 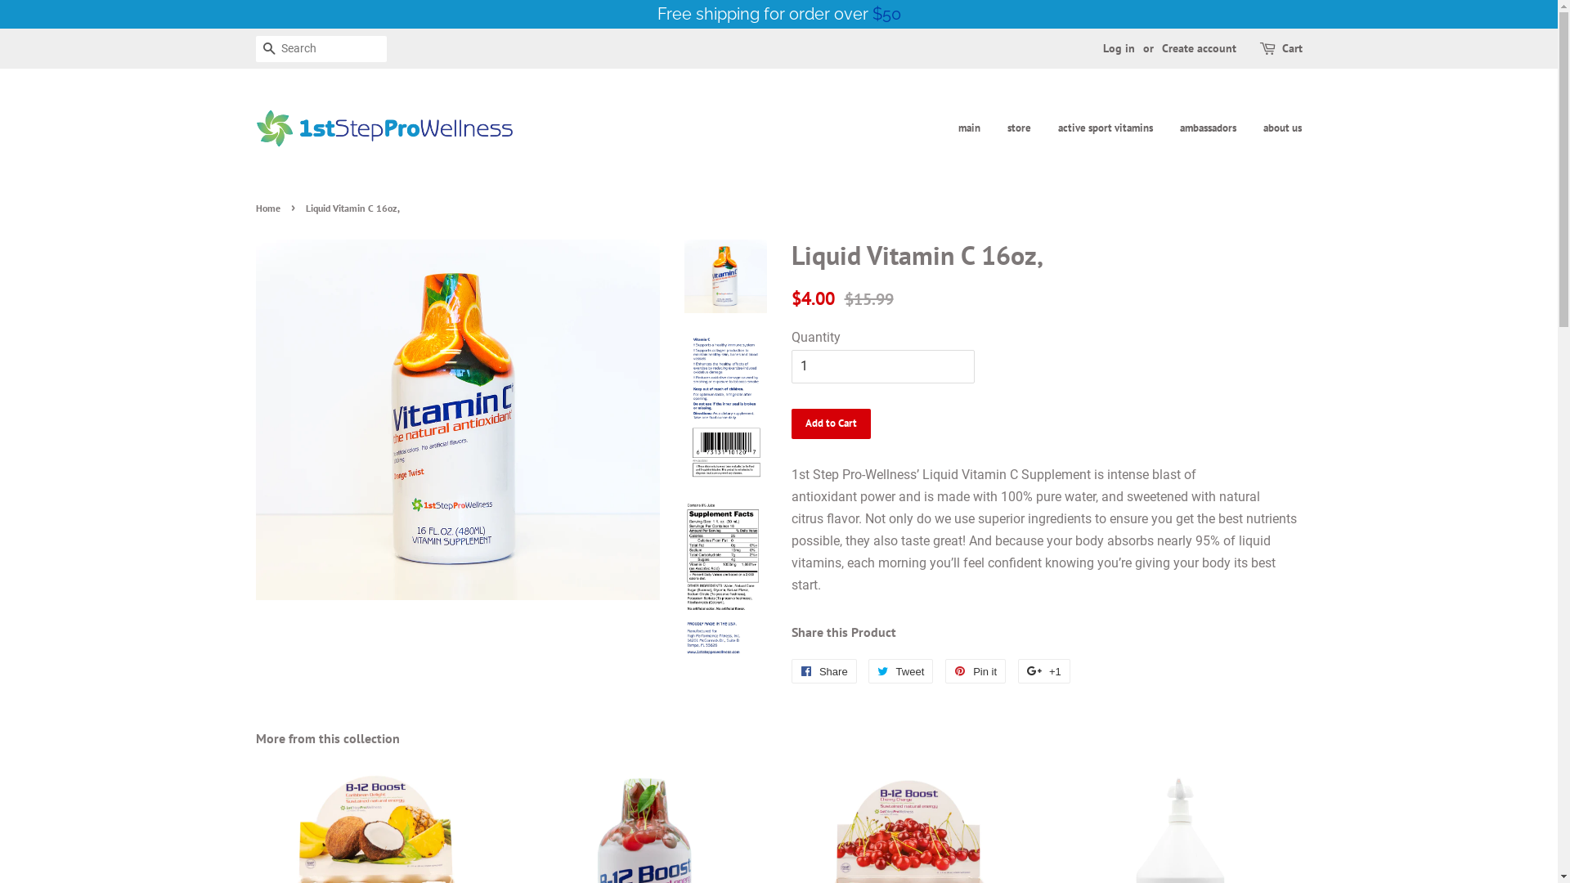 What do you see at coordinates (976, 671) in the screenshot?
I see `'Pin it` at bounding box center [976, 671].